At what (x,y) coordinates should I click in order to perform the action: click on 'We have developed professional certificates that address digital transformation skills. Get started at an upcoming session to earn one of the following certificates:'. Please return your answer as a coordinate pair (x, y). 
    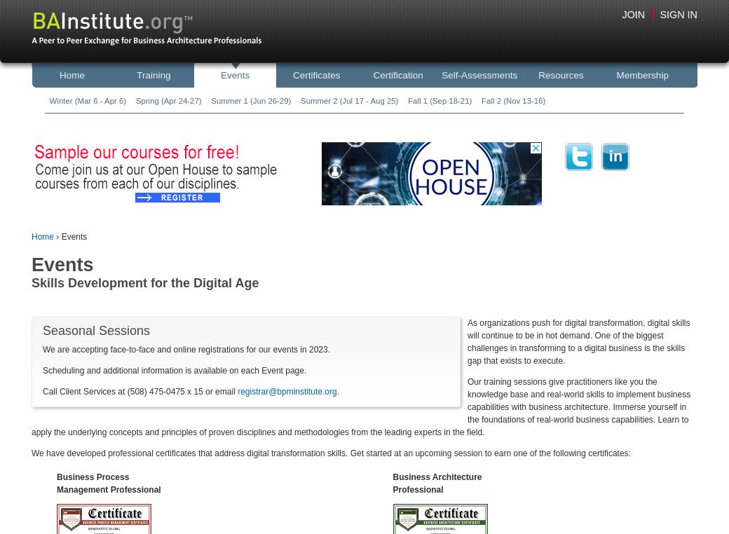
    Looking at the image, I should click on (330, 452).